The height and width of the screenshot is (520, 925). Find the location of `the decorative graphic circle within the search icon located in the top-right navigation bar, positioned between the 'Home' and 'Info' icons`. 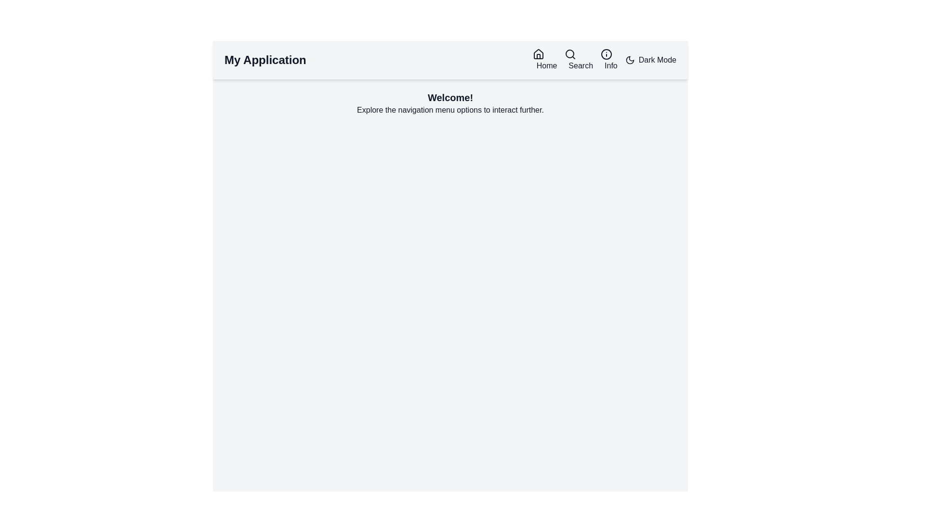

the decorative graphic circle within the search icon located in the top-right navigation bar, positioned between the 'Home' and 'Info' icons is located at coordinates (570, 53).